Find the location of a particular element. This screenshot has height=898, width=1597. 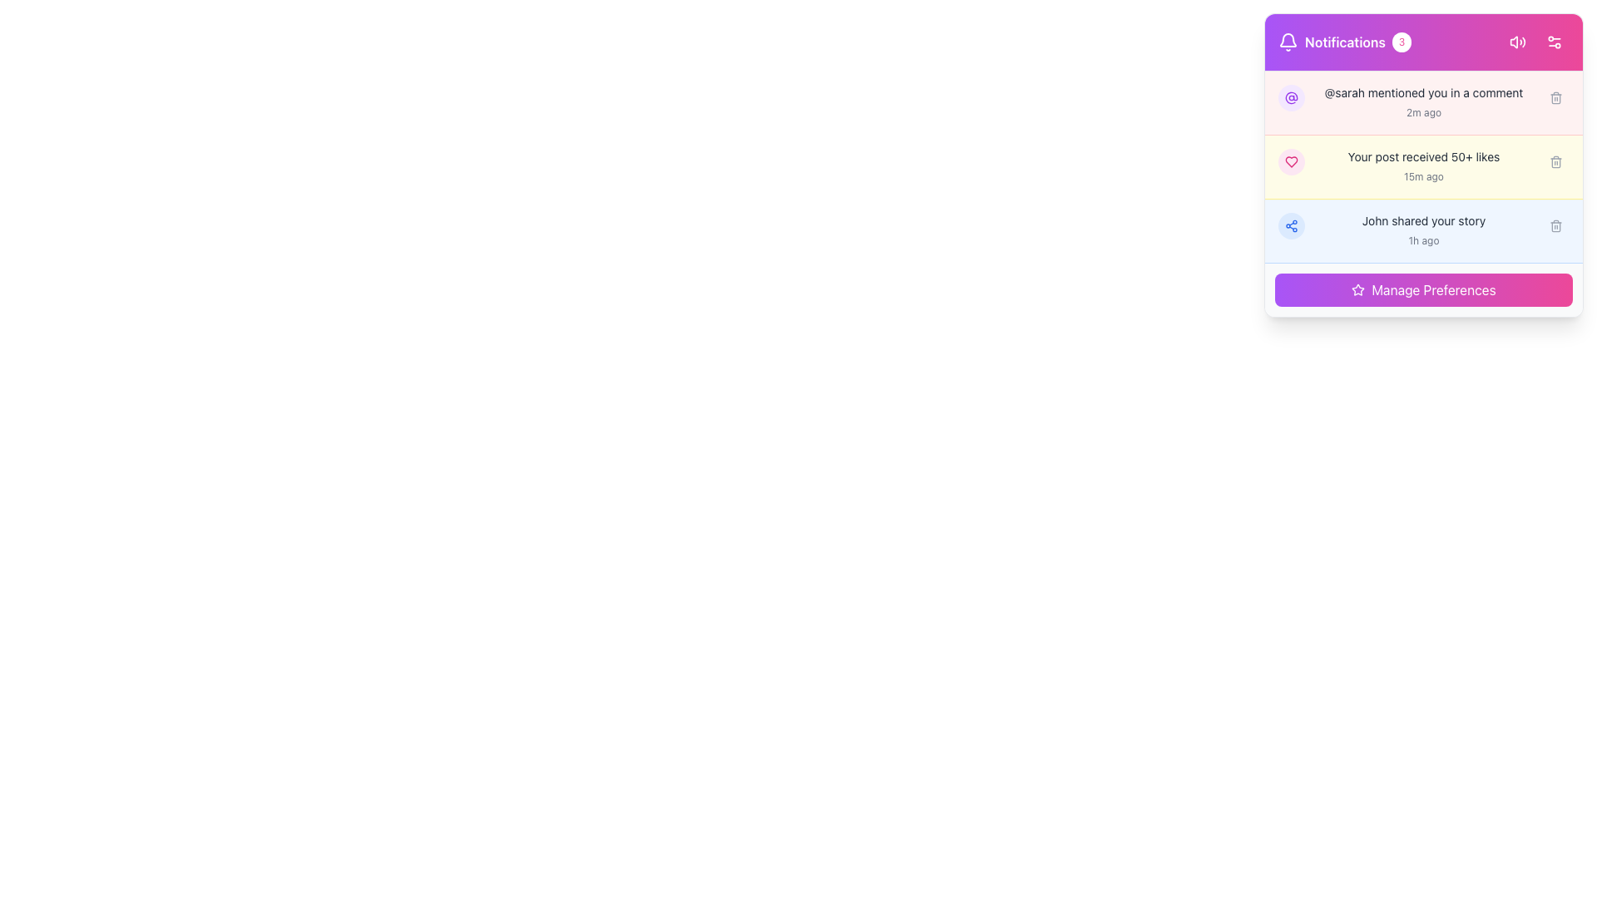

the text label that displays notification content about mentions in comments, located in the first notification entry under the 'Notifications' section is located at coordinates (1423, 92).